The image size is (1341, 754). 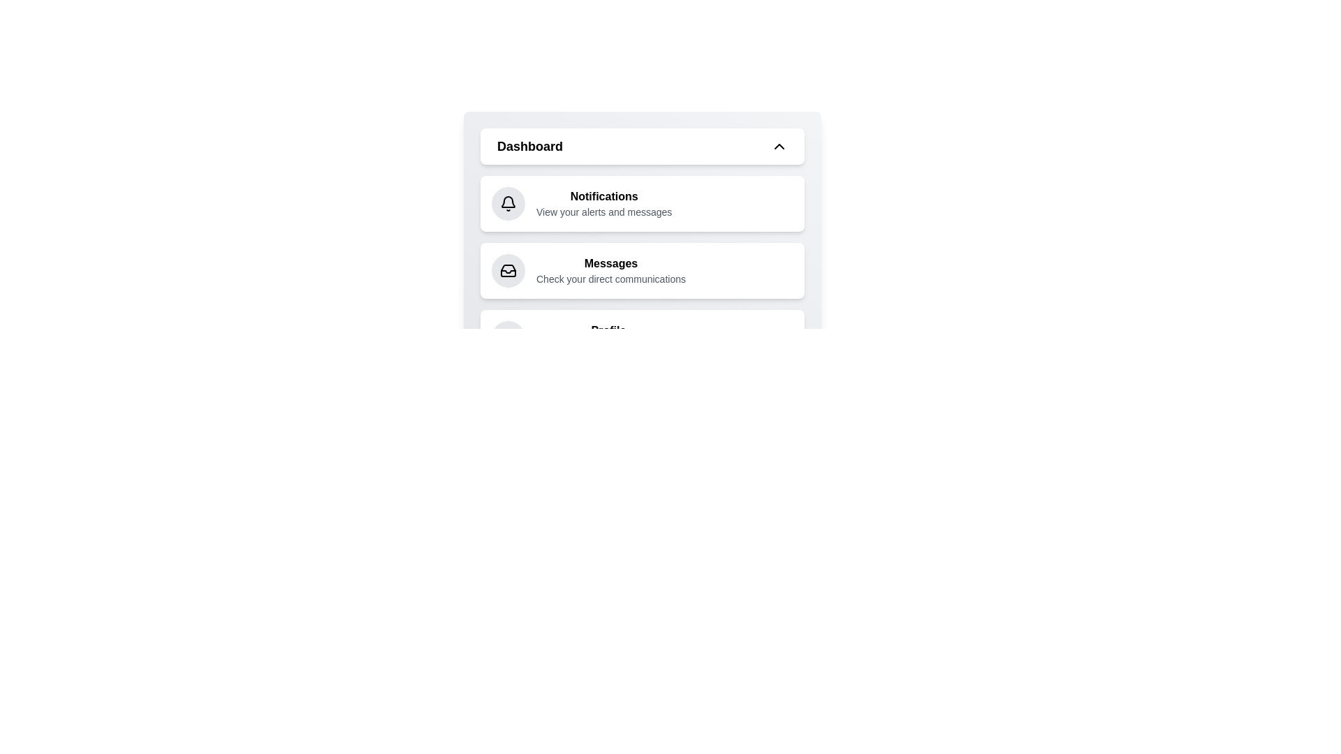 I want to click on the text of the menu item Notifications, so click(x=603, y=196).